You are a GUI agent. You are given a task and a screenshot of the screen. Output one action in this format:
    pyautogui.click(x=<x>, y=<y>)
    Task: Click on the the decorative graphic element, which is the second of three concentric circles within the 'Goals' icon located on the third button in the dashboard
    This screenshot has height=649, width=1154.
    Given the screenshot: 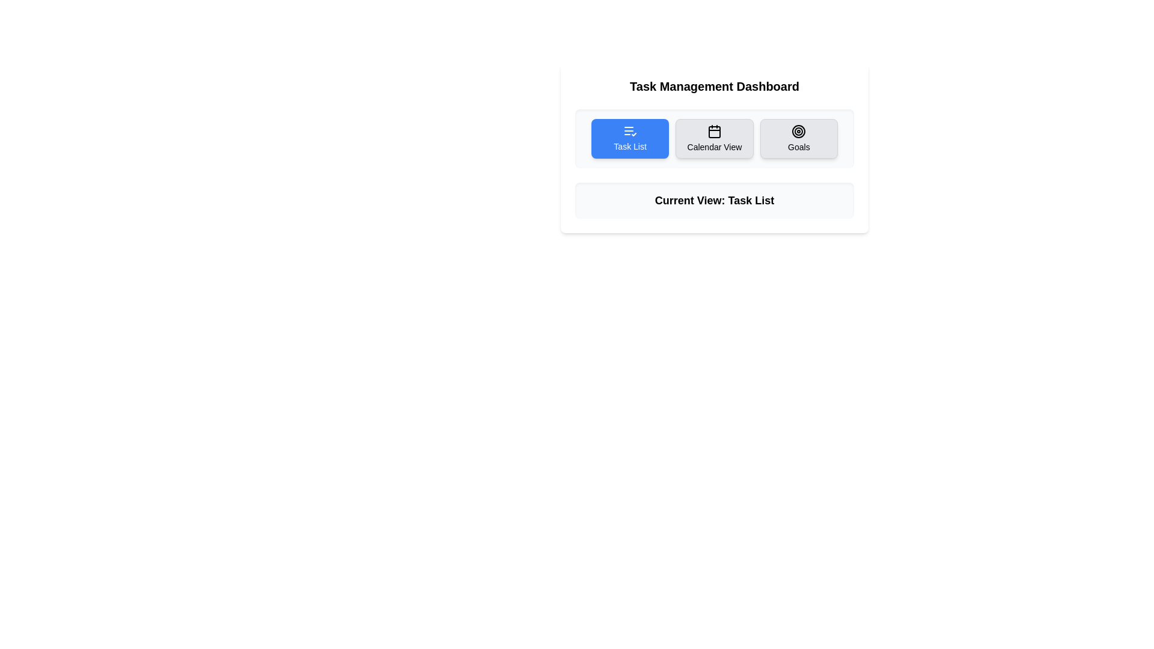 What is the action you would take?
    pyautogui.click(x=799, y=132)
    